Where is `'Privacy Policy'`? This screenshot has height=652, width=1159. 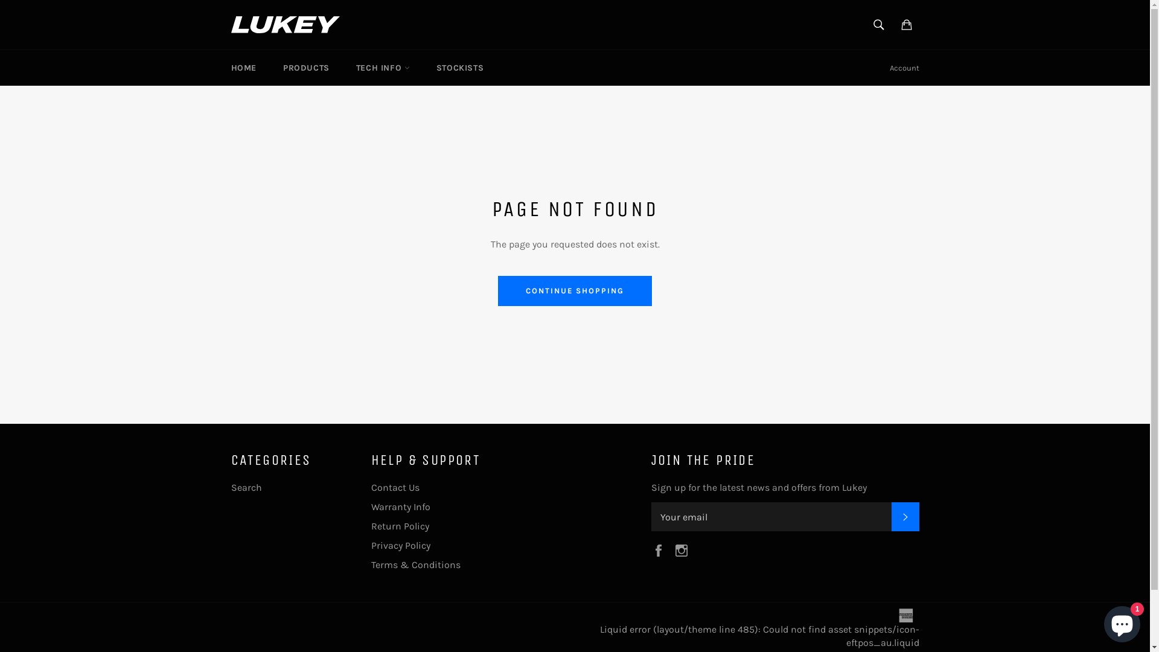
'Privacy Policy' is located at coordinates (400, 545).